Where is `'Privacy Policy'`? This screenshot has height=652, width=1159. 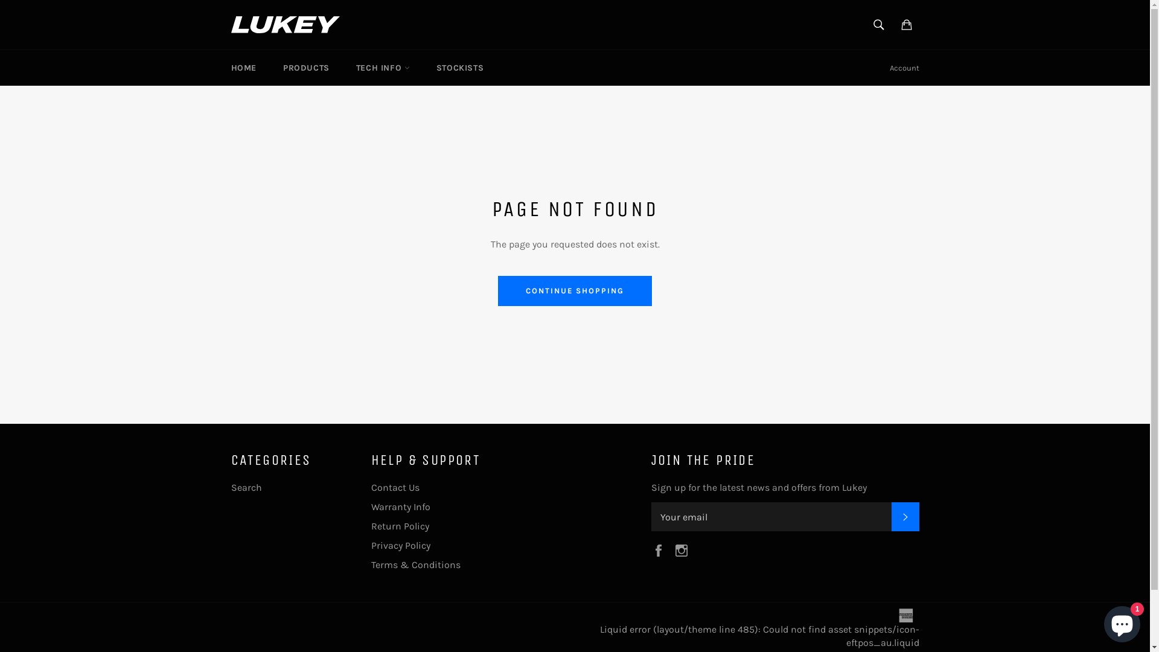
'Privacy Policy' is located at coordinates (400, 545).